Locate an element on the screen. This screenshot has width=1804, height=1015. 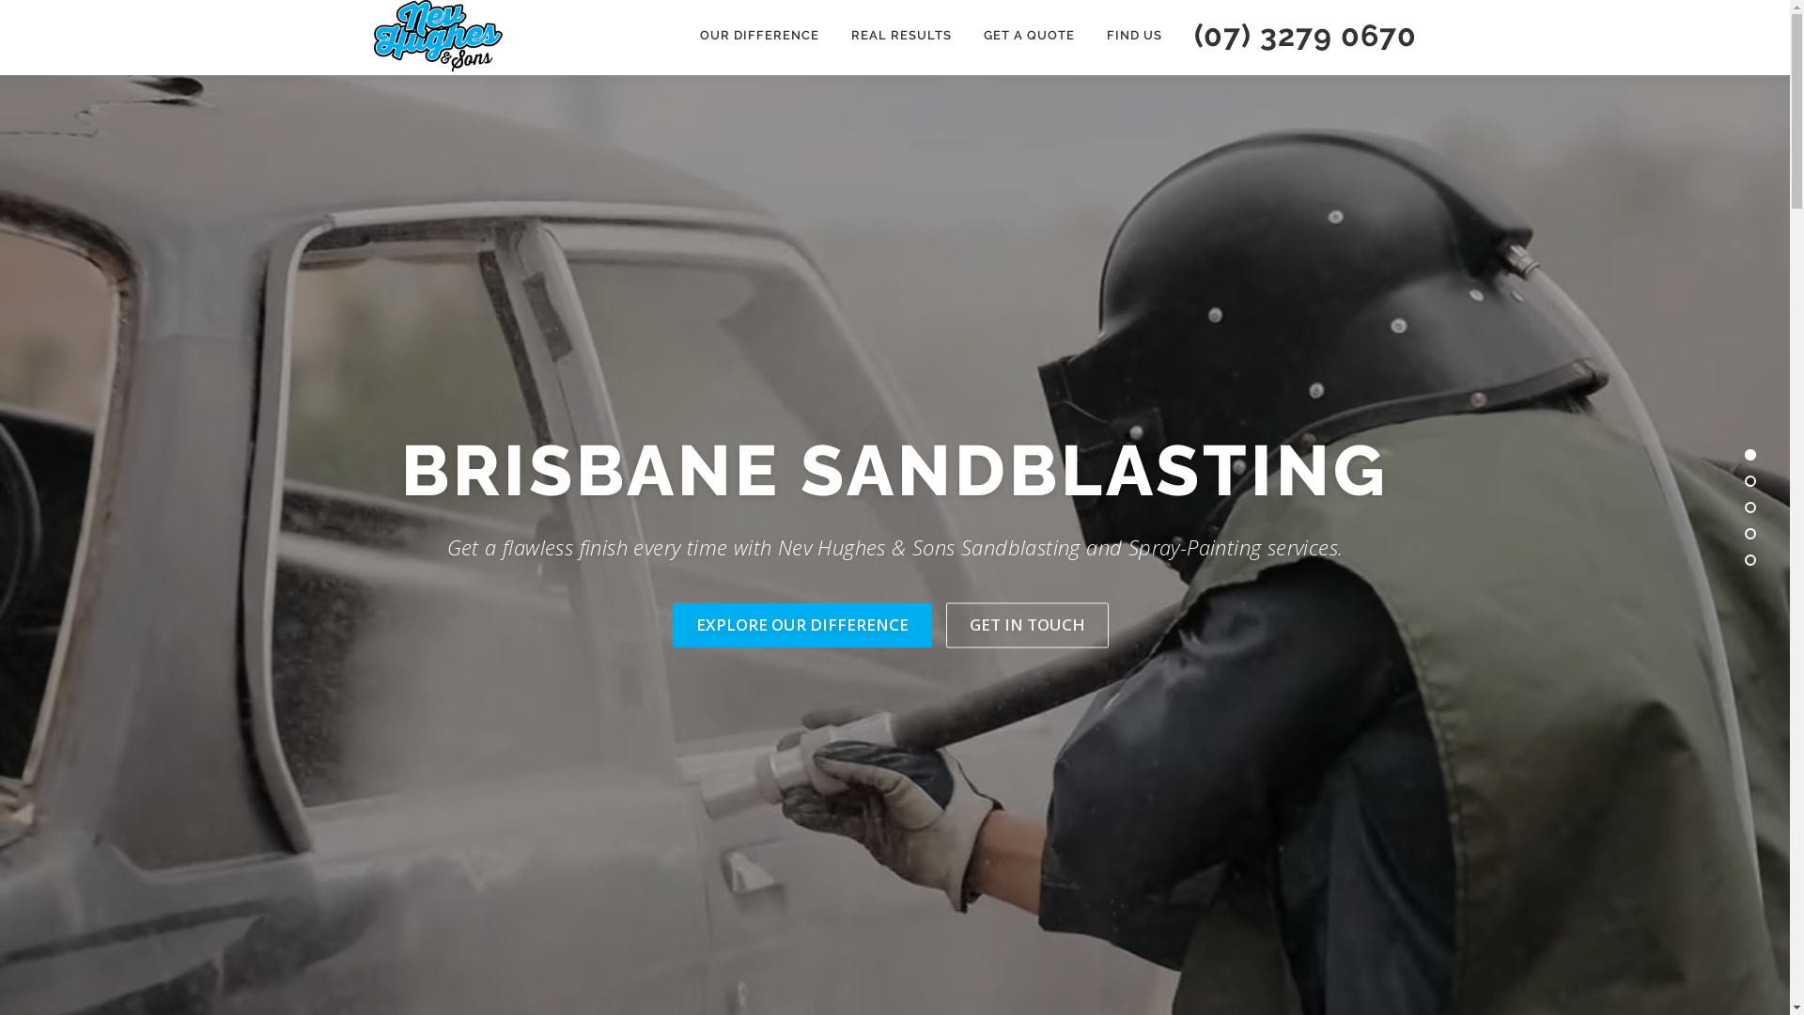
'GET IN TOUCH' is located at coordinates (1025, 625).